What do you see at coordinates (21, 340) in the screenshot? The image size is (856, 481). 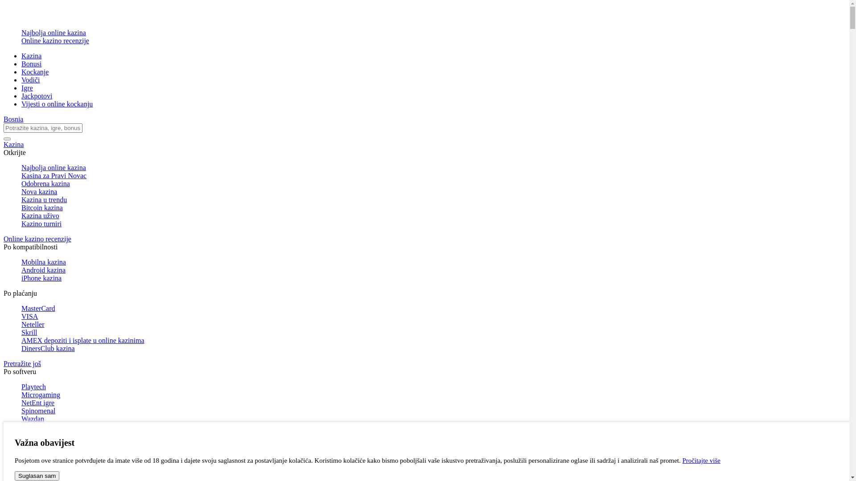 I see `'AMEX depoziti i isplate u online kazinima'` at bounding box center [21, 340].